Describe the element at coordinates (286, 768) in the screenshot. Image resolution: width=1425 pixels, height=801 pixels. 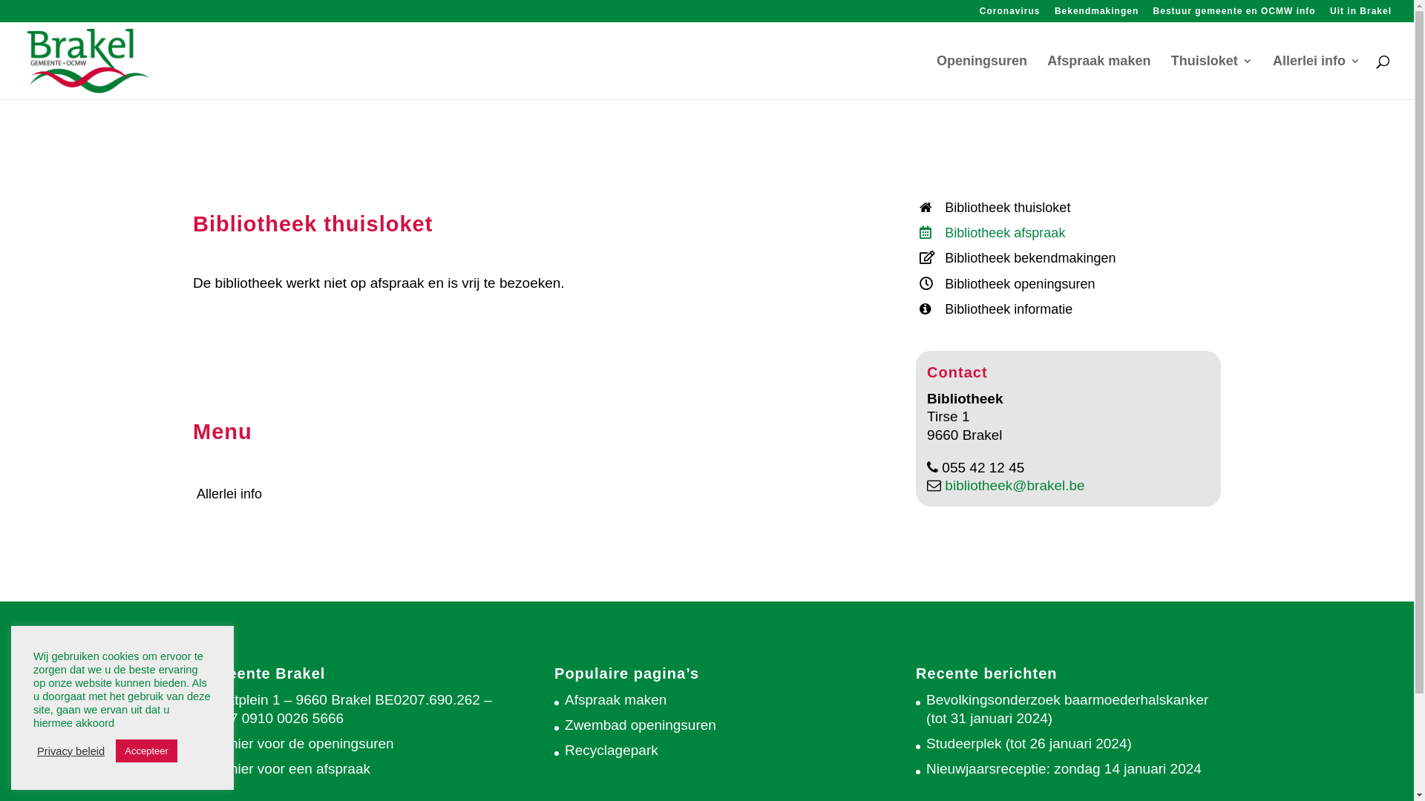
I see `'Klik hier voor een afspraak'` at that location.